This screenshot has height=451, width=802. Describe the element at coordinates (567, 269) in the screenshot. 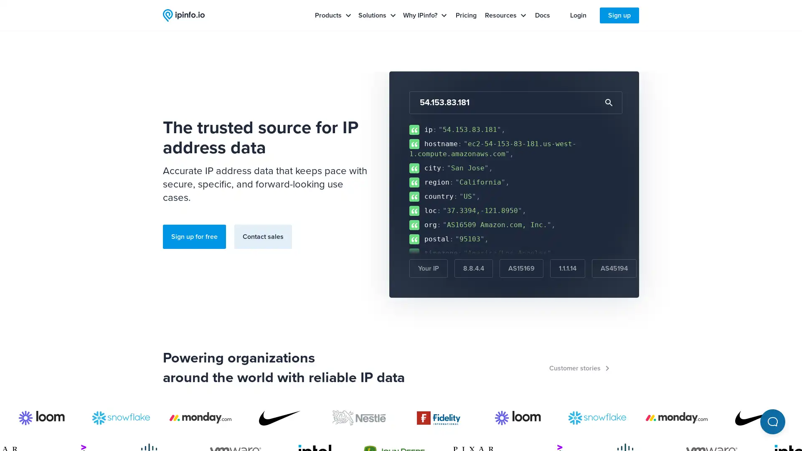

I see `1.1.1.14` at that location.